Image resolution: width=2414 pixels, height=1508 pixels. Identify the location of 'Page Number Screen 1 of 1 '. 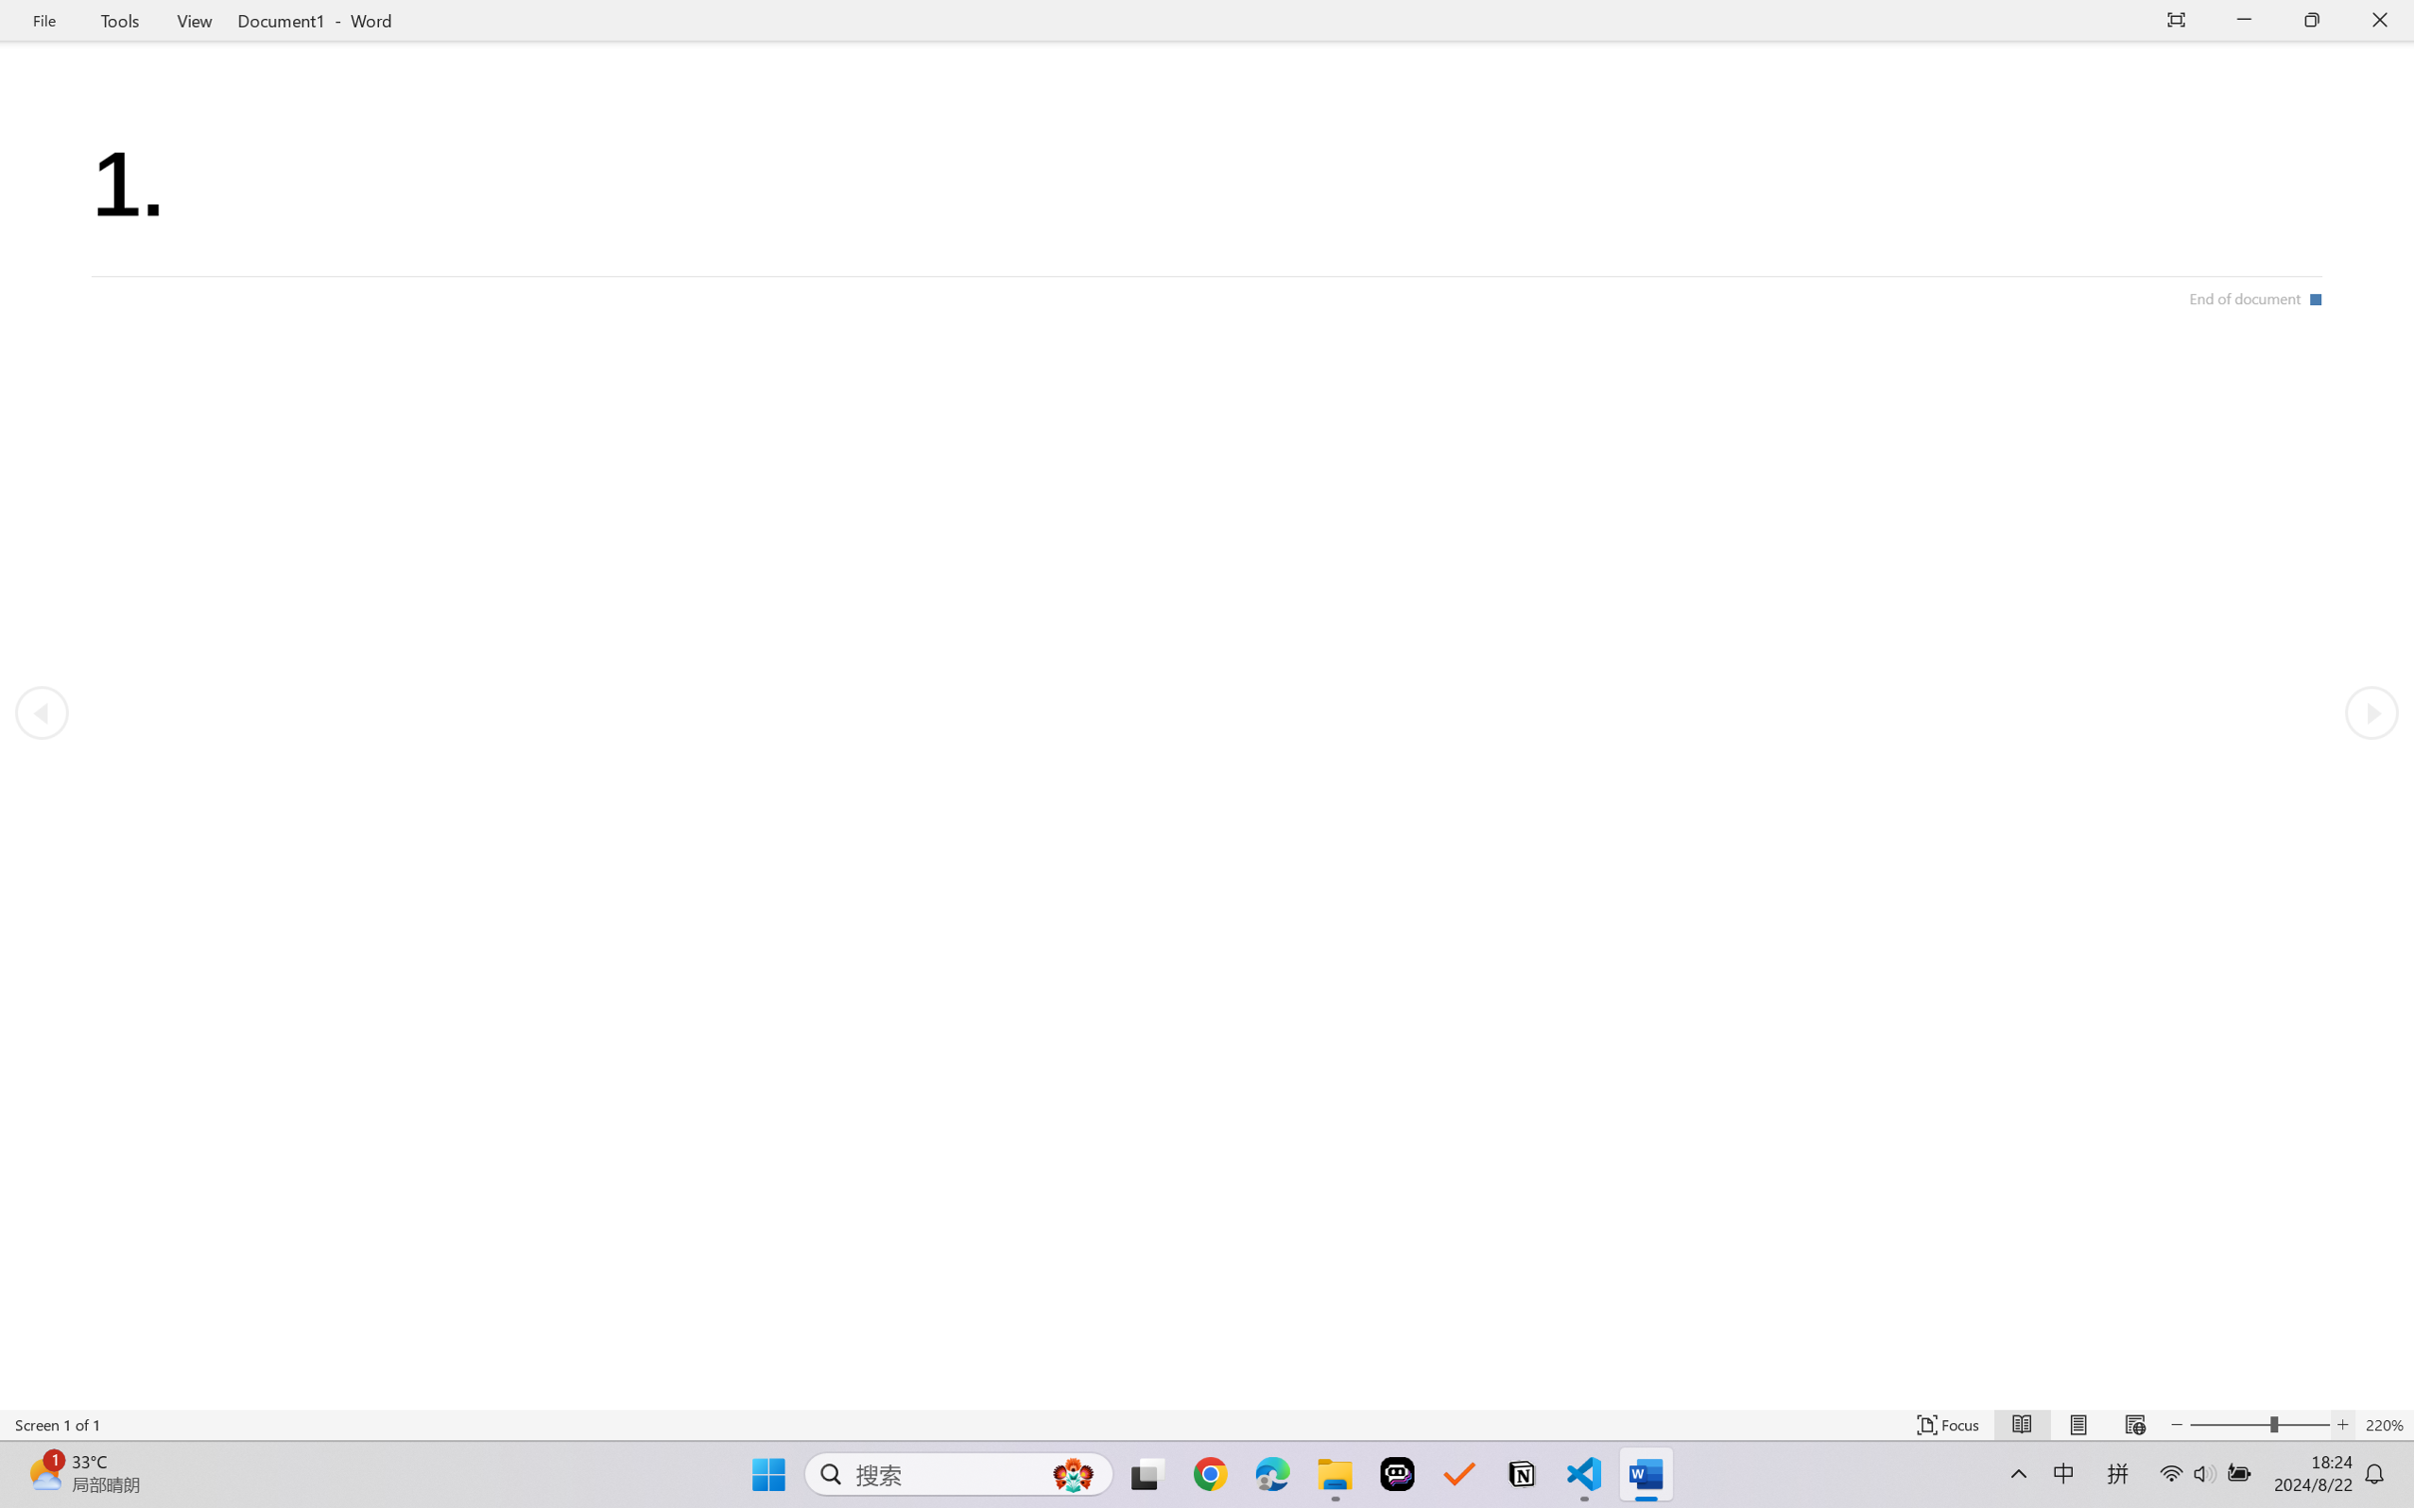
(57, 1424).